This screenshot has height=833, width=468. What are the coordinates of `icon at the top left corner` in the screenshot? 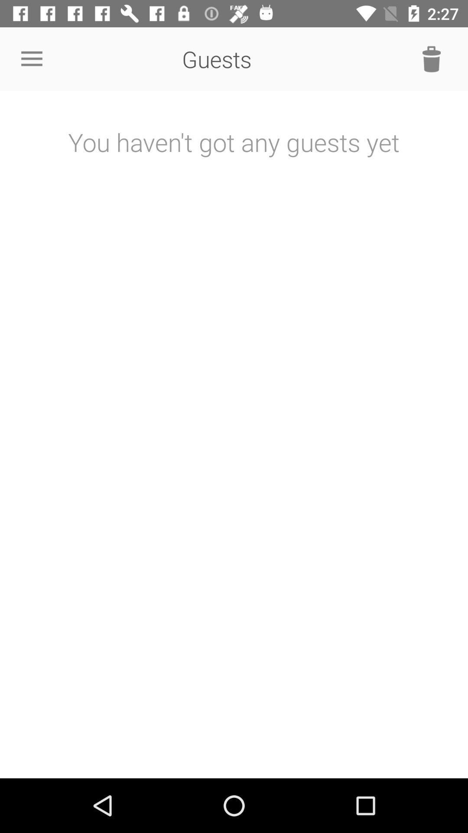 It's located at (31, 59).